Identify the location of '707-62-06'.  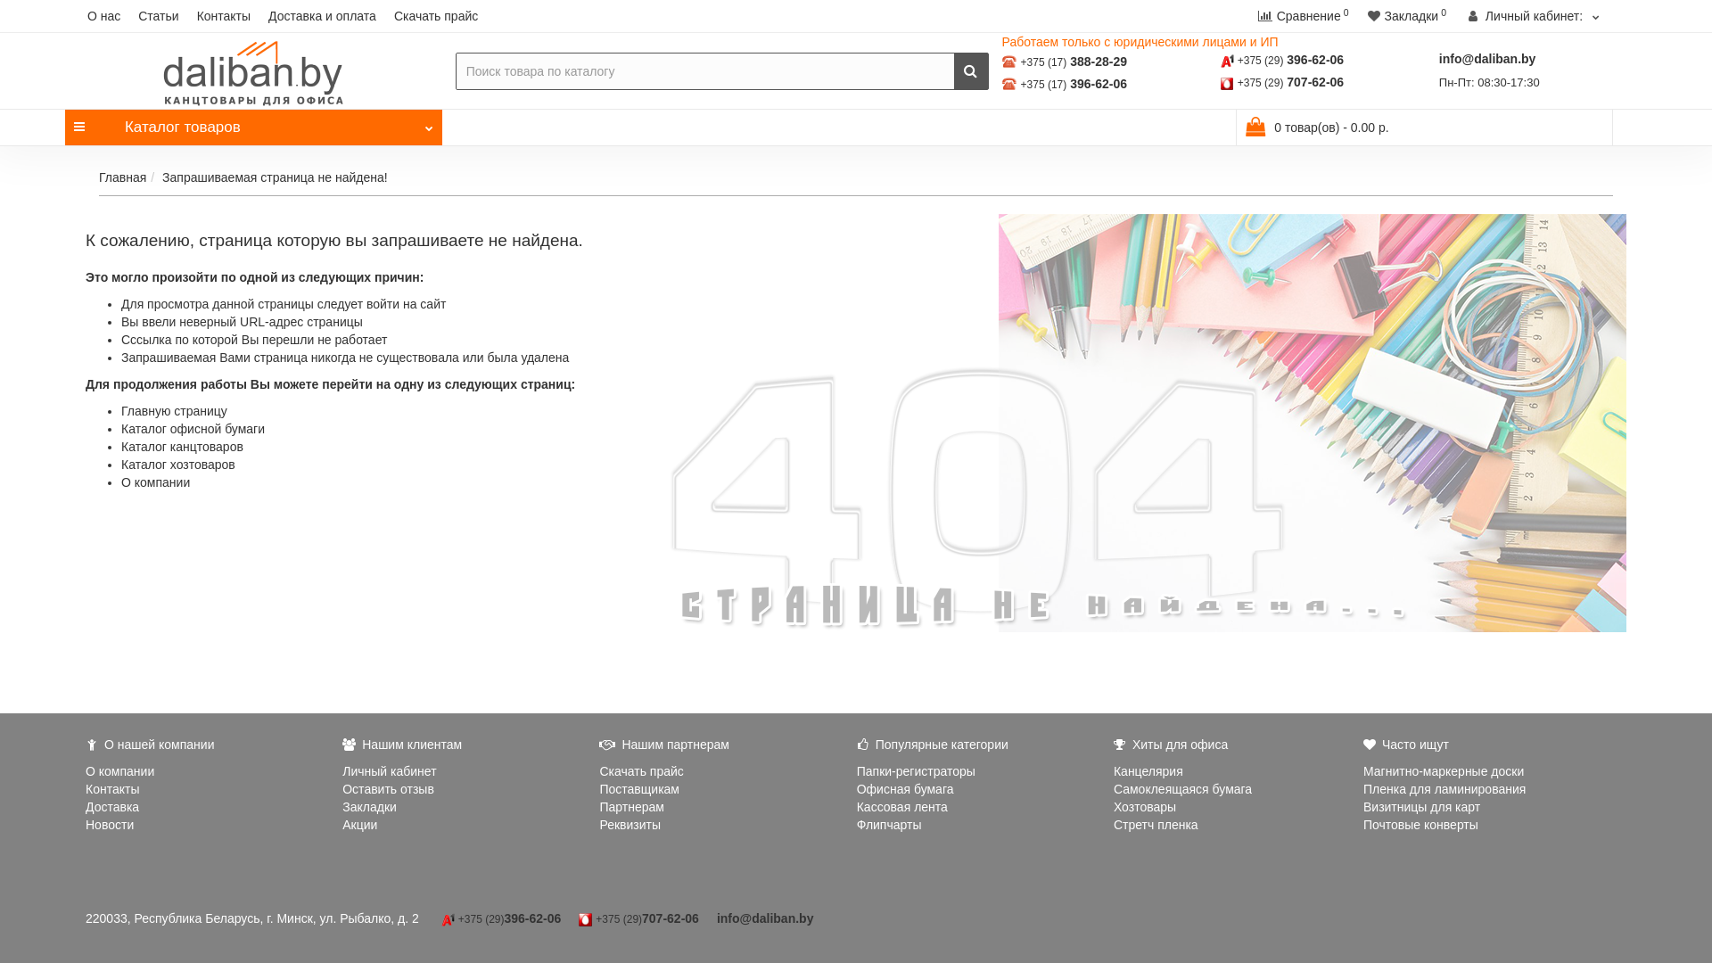
(1314, 82).